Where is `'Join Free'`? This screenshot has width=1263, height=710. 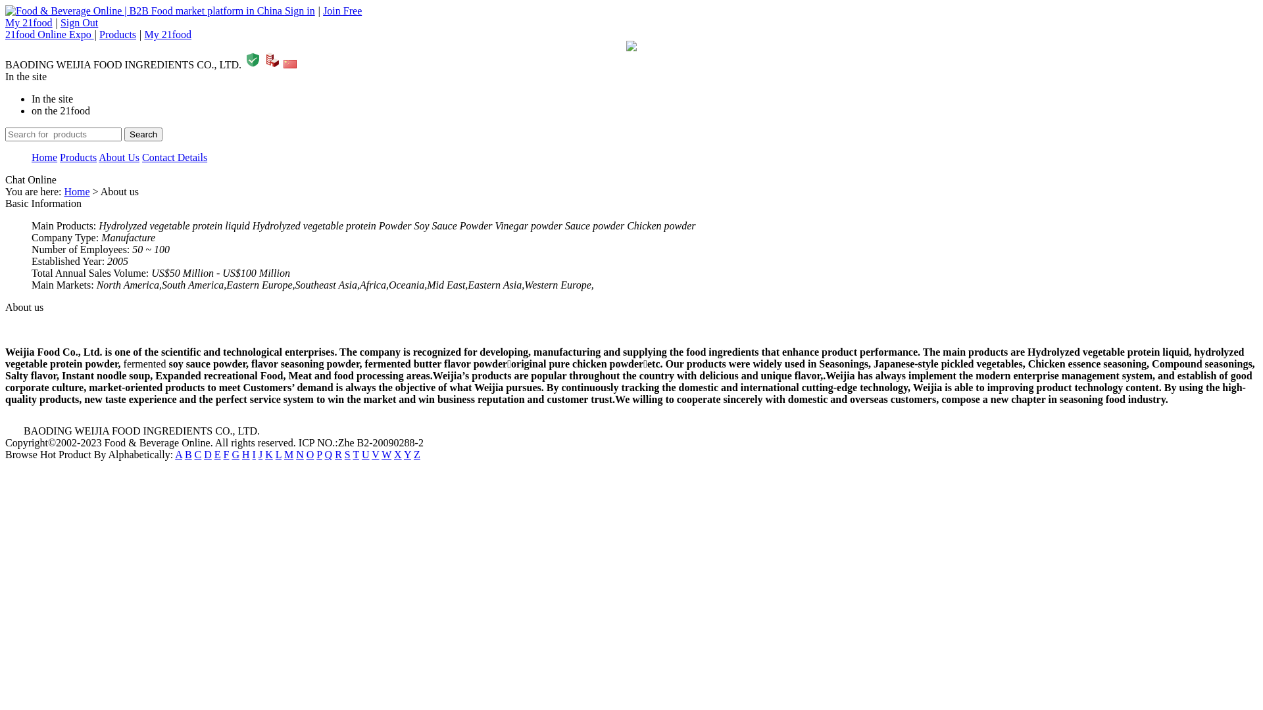
'Join Free' is located at coordinates (342, 11).